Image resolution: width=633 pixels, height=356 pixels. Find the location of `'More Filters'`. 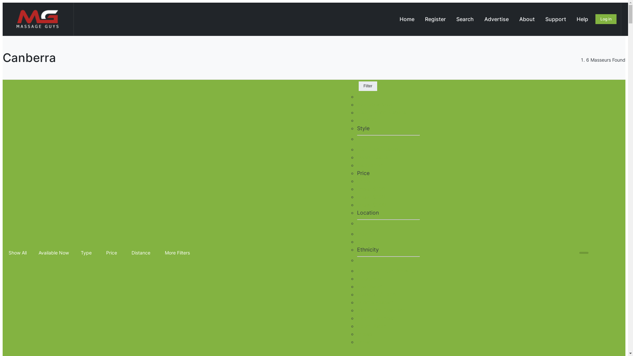

'More Filters' is located at coordinates (179, 252).